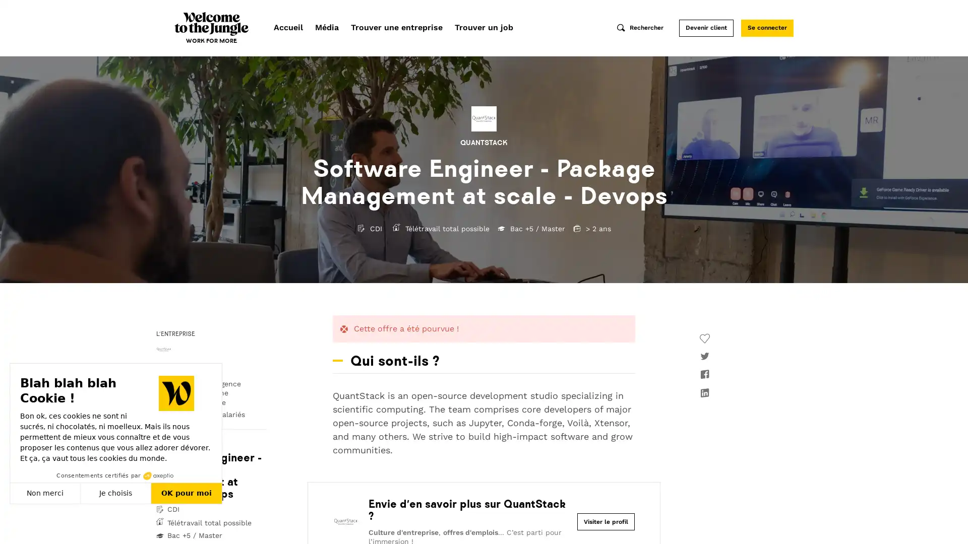  Describe the element at coordinates (45, 493) in the screenshot. I see `Non merci` at that location.